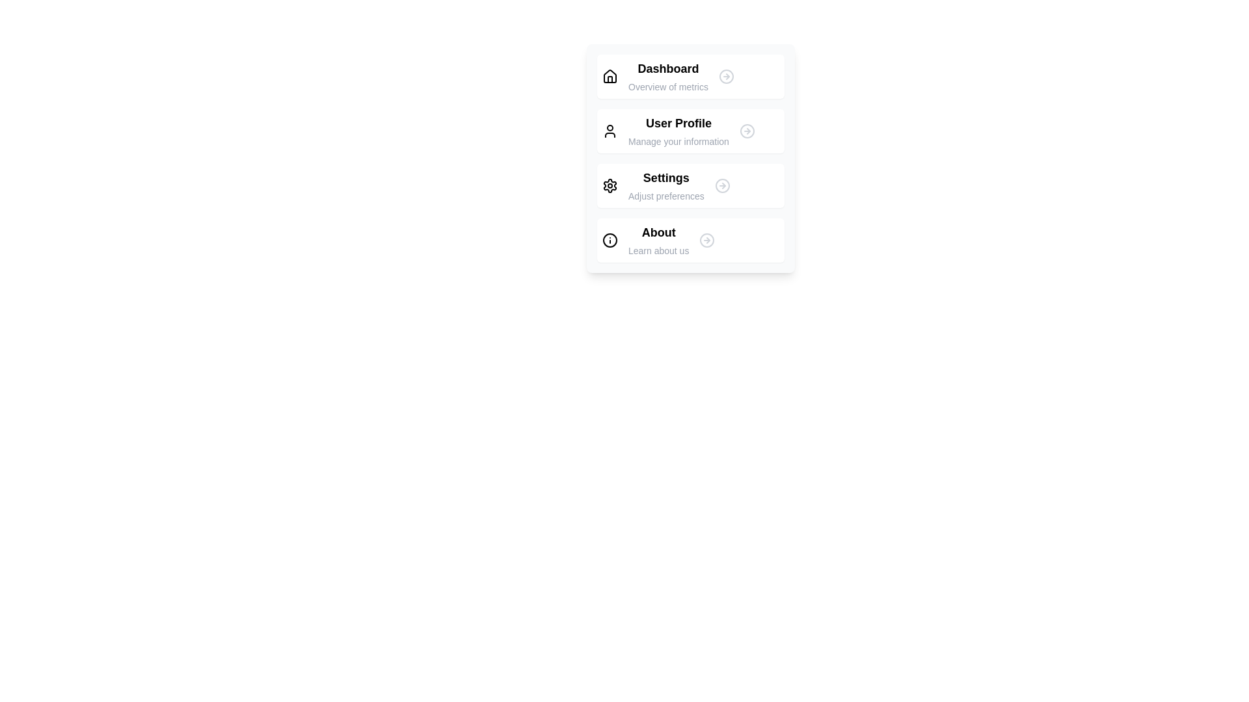 This screenshot has width=1249, height=702. Describe the element at coordinates (721, 185) in the screenshot. I see `the circular icon with a right-pointing arrow located at the far right of the 'Settings' row` at that location.